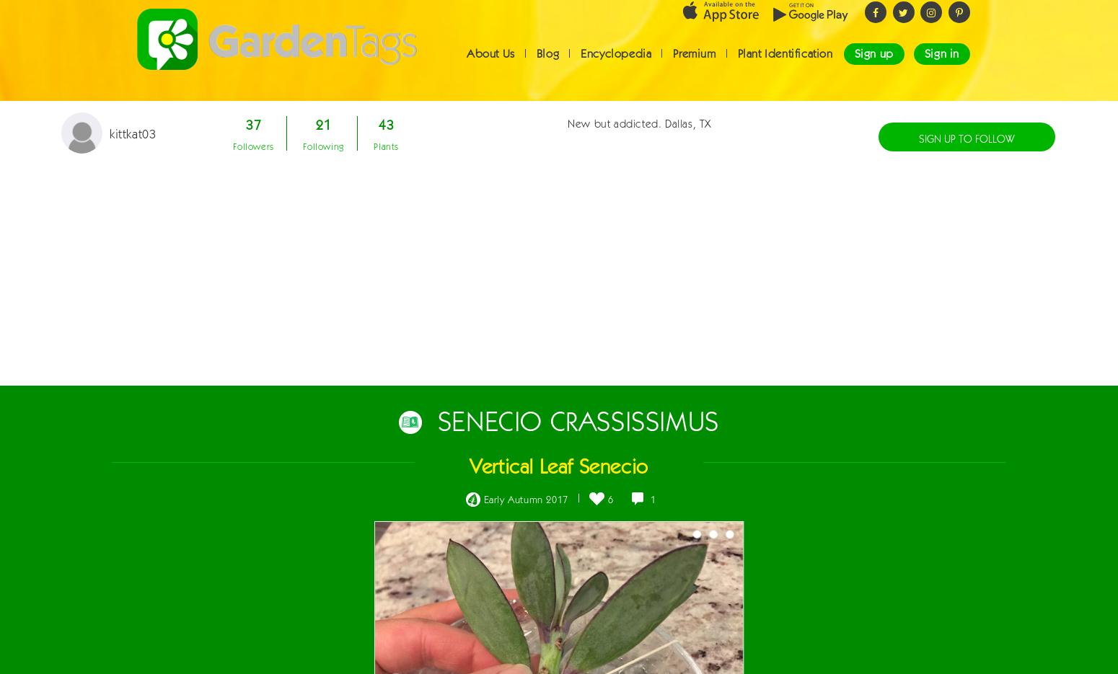 The image size is (1118, 674). What do you see at coordinates (616, 66) in the screenshot?
I see `'Encyclopedia'` at bounding box center [616, 66].